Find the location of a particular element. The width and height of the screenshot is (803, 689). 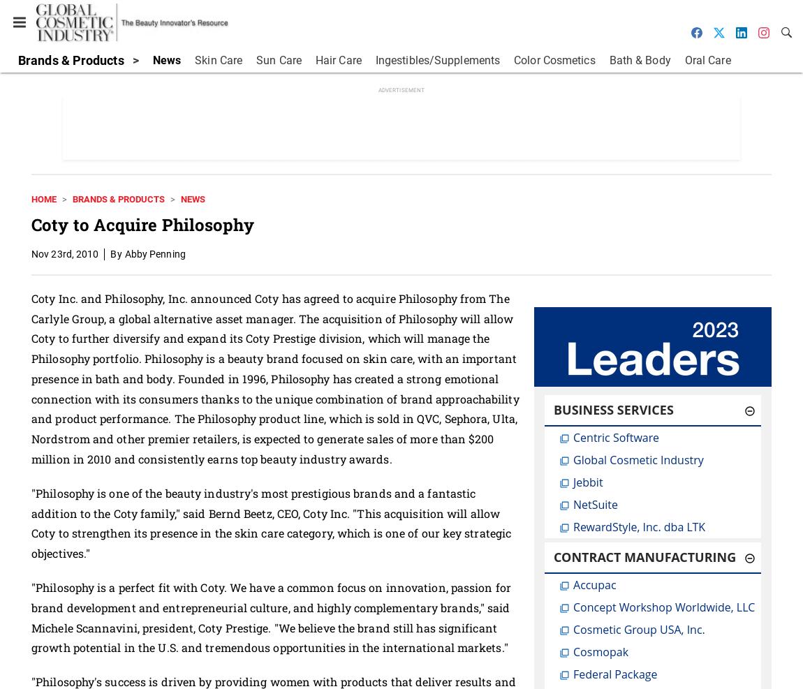

'Coty Inc. and Philosophy, Inc. announced Coty has agreed to acquire Philosophy from The Carlyle Group, a global alternative asset manager. The acquisition of Philosophy will allow Coty to further diversify and expand its Coty Prestige division, which will manage the Philosophy portfolio. Philosophy is a beauty brand focused on skin care, with an important presence in bath and body. Founded in 1996, Philosophy has created a strong emotional connection with its consumers thanks to the unique combination of brand approachability and product performance. The Philosophy product line, which is sold in QVC, Sephora, Ulta, Nordstrom and other premier retailers, is expected to generate sales of more than $200 million in 2010 and consistently earns top beauty industry awards.' is located at coordinates (274, 378).